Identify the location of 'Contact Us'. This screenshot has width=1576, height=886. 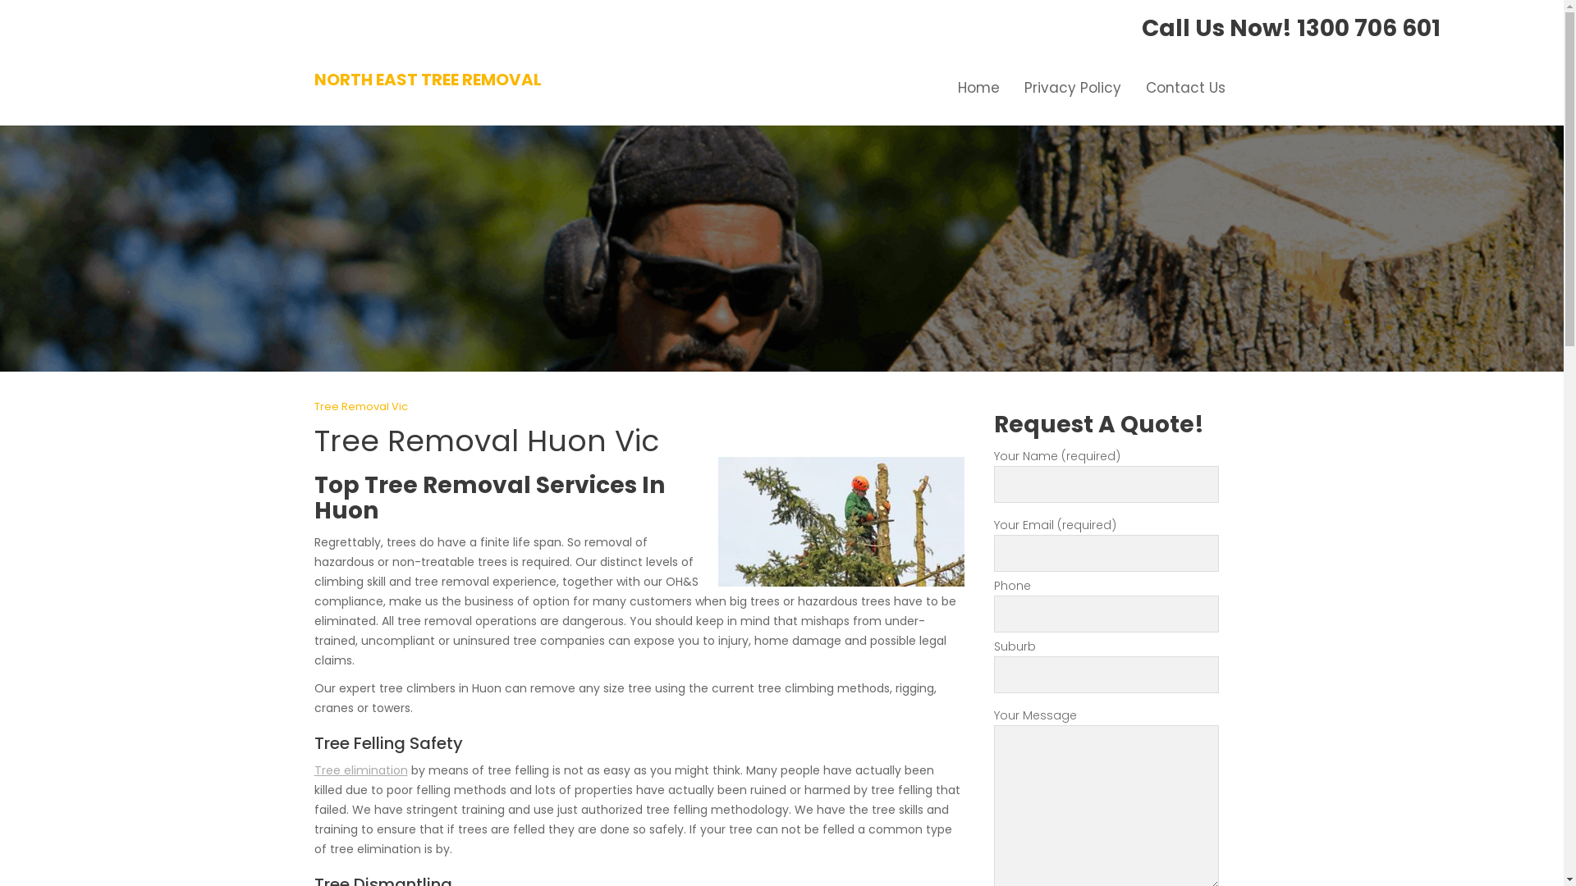
(1184, 88).